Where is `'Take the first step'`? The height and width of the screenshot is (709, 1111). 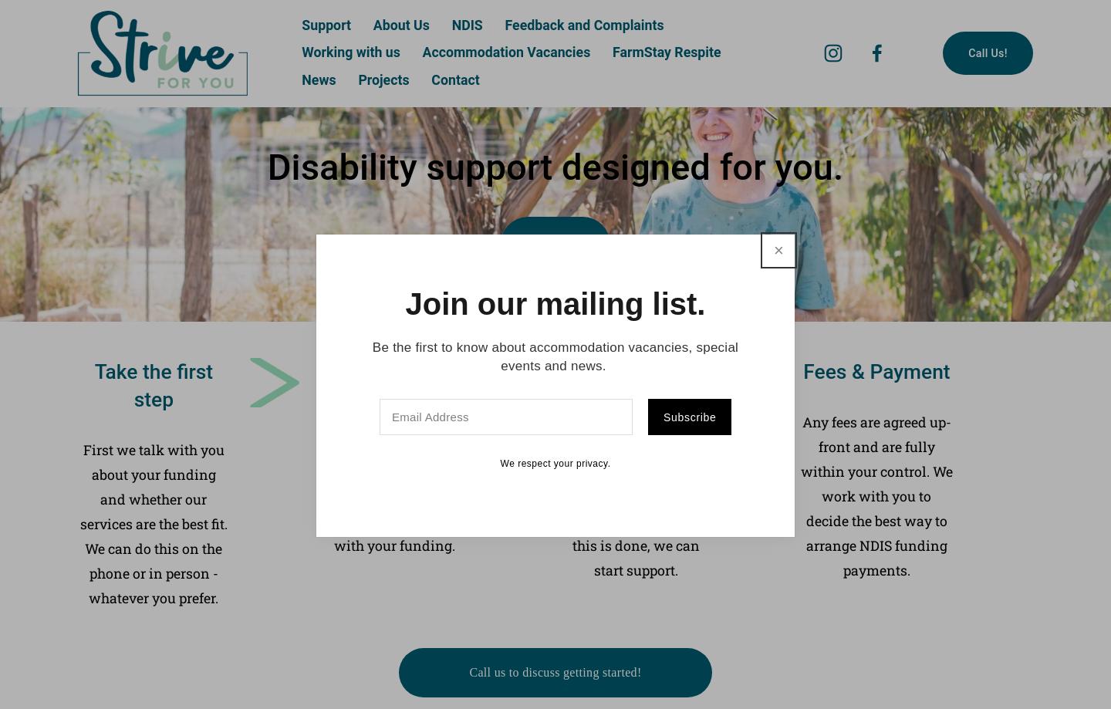
'Take the first step' is located at coordinates (93, 385).